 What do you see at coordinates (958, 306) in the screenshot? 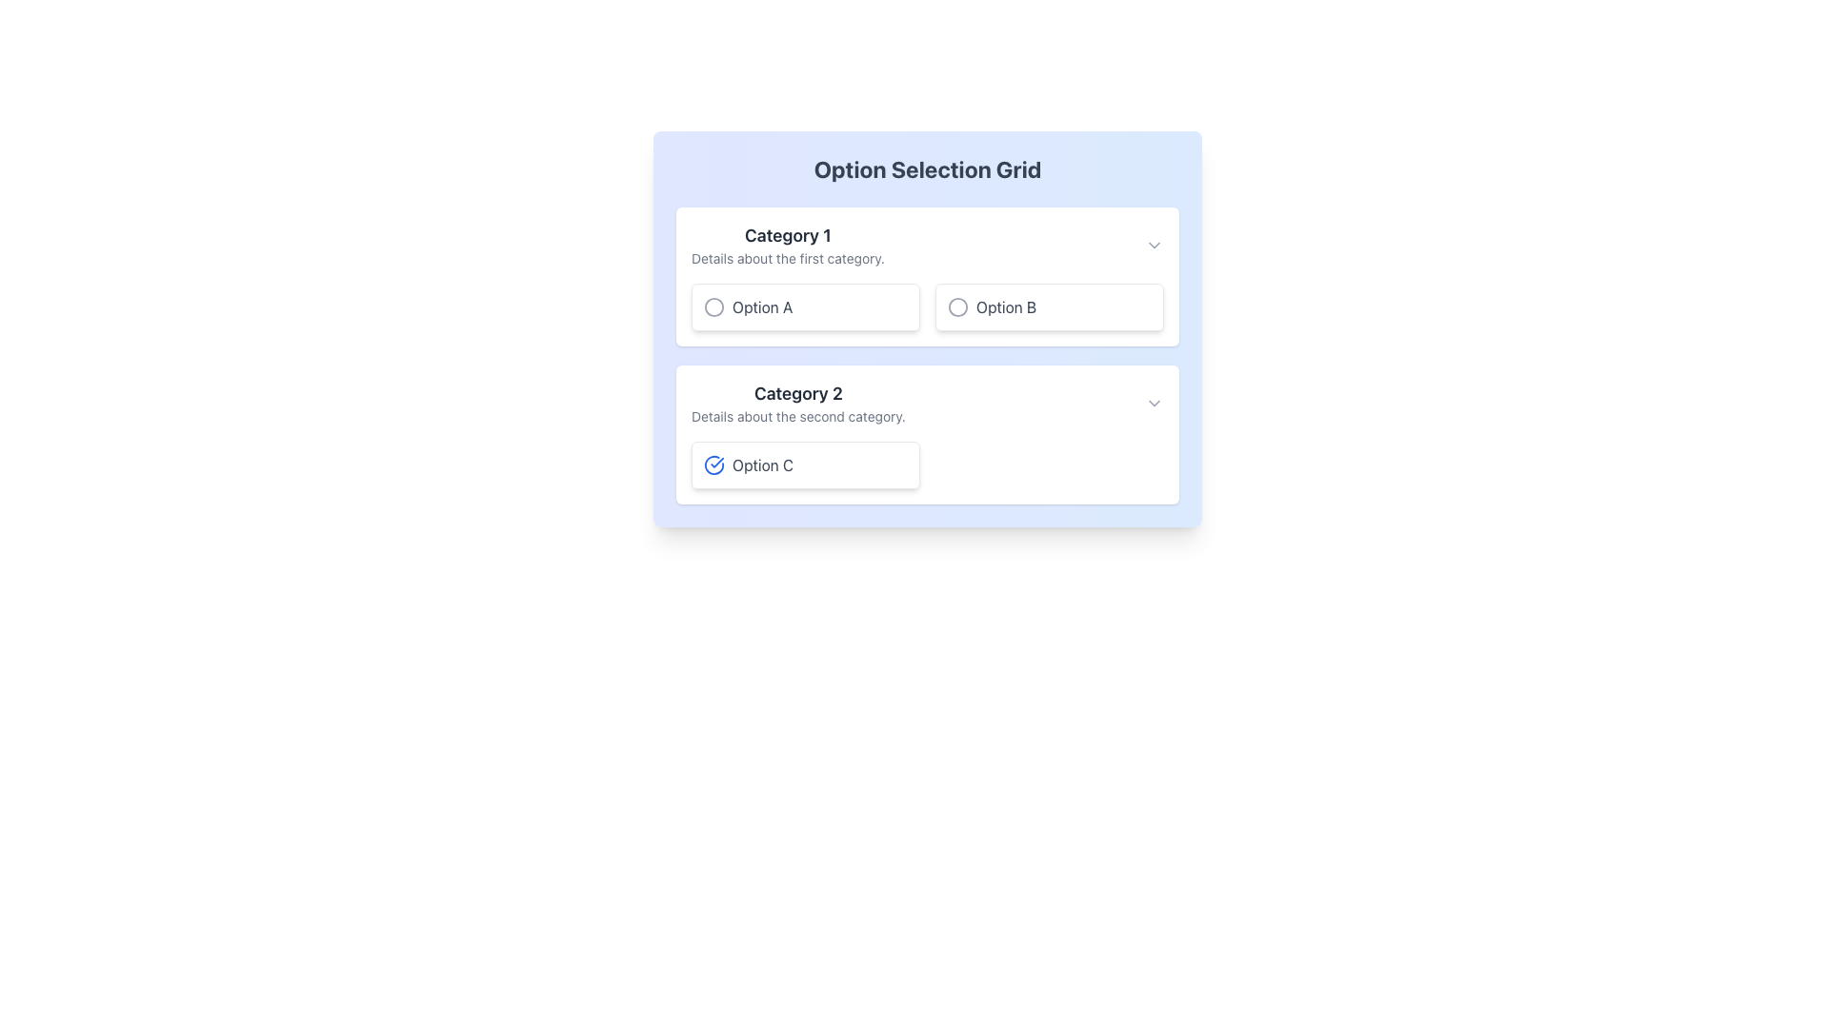
I see `the inner circular graphic element of the SVG circle group, which is styled with a gray color and is located inside the selection box labeled 'Option B' in the upper-right section of the second content group under 'Category 1'` at bounding box center [958, 306].